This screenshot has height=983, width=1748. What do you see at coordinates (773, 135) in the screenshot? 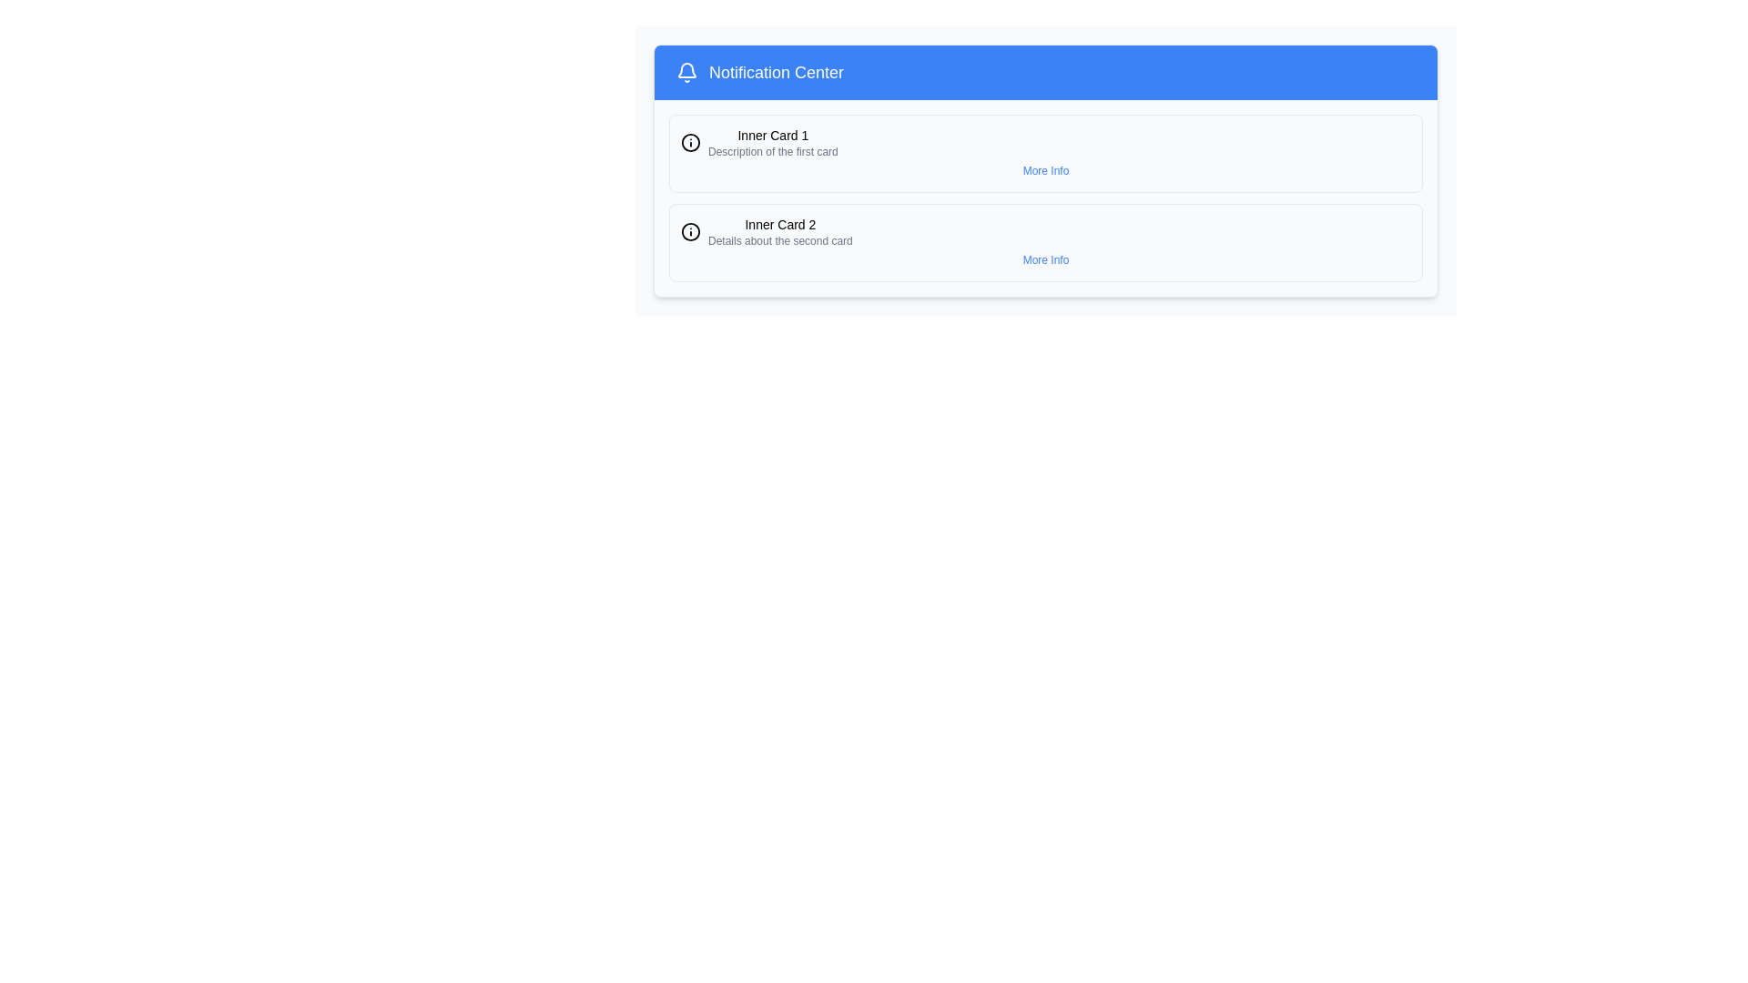
I see `the title text label of the first notification card, which is located in the upper part of the card, right below the section's title and icon` at bounding box center [773, 135].